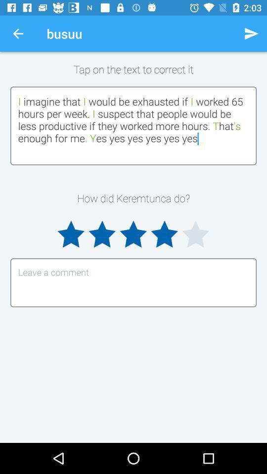 Image resolution: width=267 pixels, height=474 pixels. Describe the element at coordinates (18, 34) in the screenshot. I see `the item above the tap on the` at that location.